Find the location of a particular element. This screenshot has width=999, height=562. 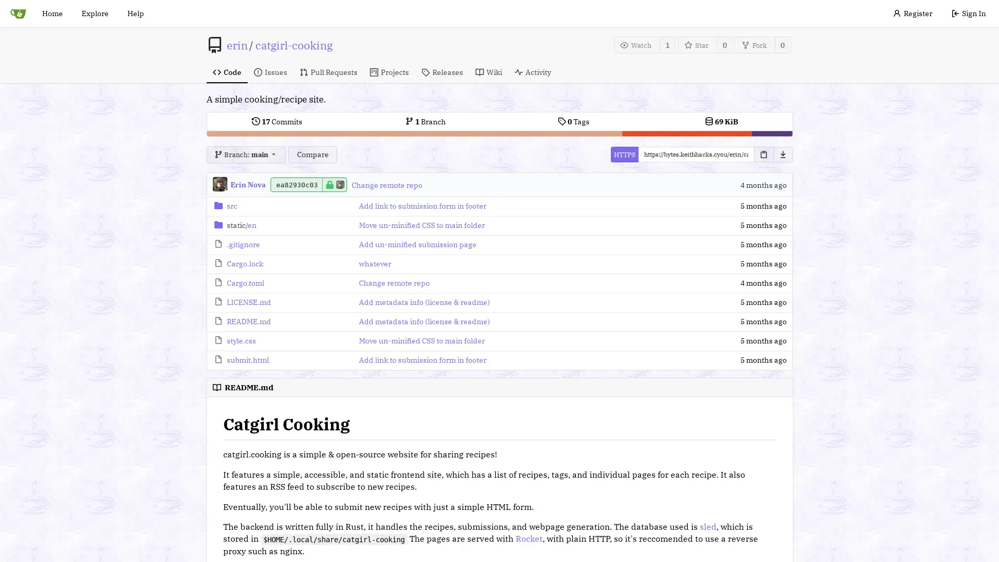

Compare is located at coordinates (312, 155).